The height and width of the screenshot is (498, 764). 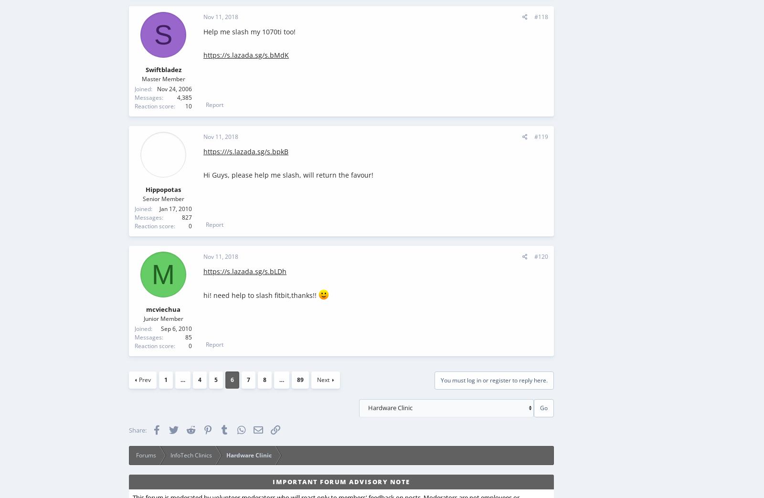 I want to click on 'Hi Guys, please help me slash, will return the favour!', so click(x=288, y=174).